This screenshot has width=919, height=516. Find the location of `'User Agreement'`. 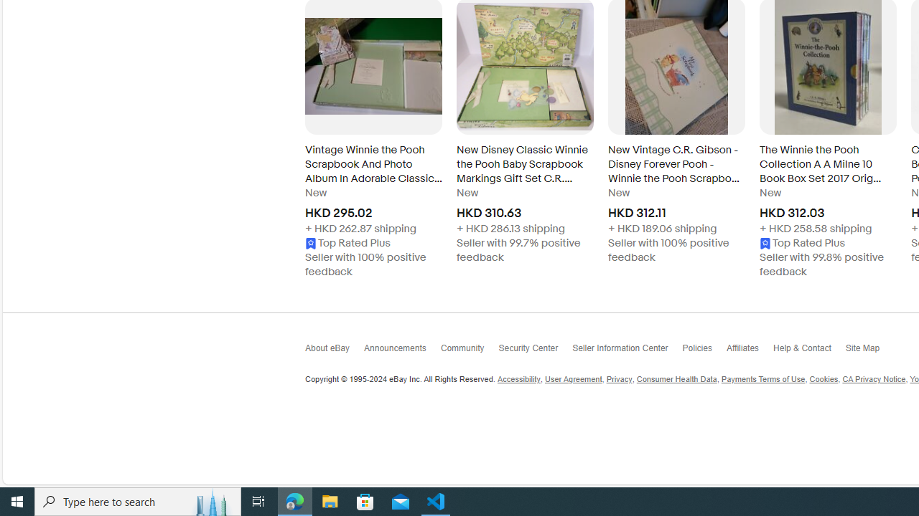

'User Agreement' is located at coordinates (572, 378).